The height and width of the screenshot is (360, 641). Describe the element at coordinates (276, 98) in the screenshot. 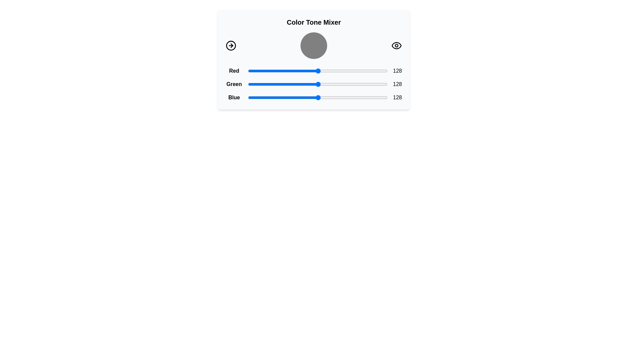

I see `the slider value` at that location.